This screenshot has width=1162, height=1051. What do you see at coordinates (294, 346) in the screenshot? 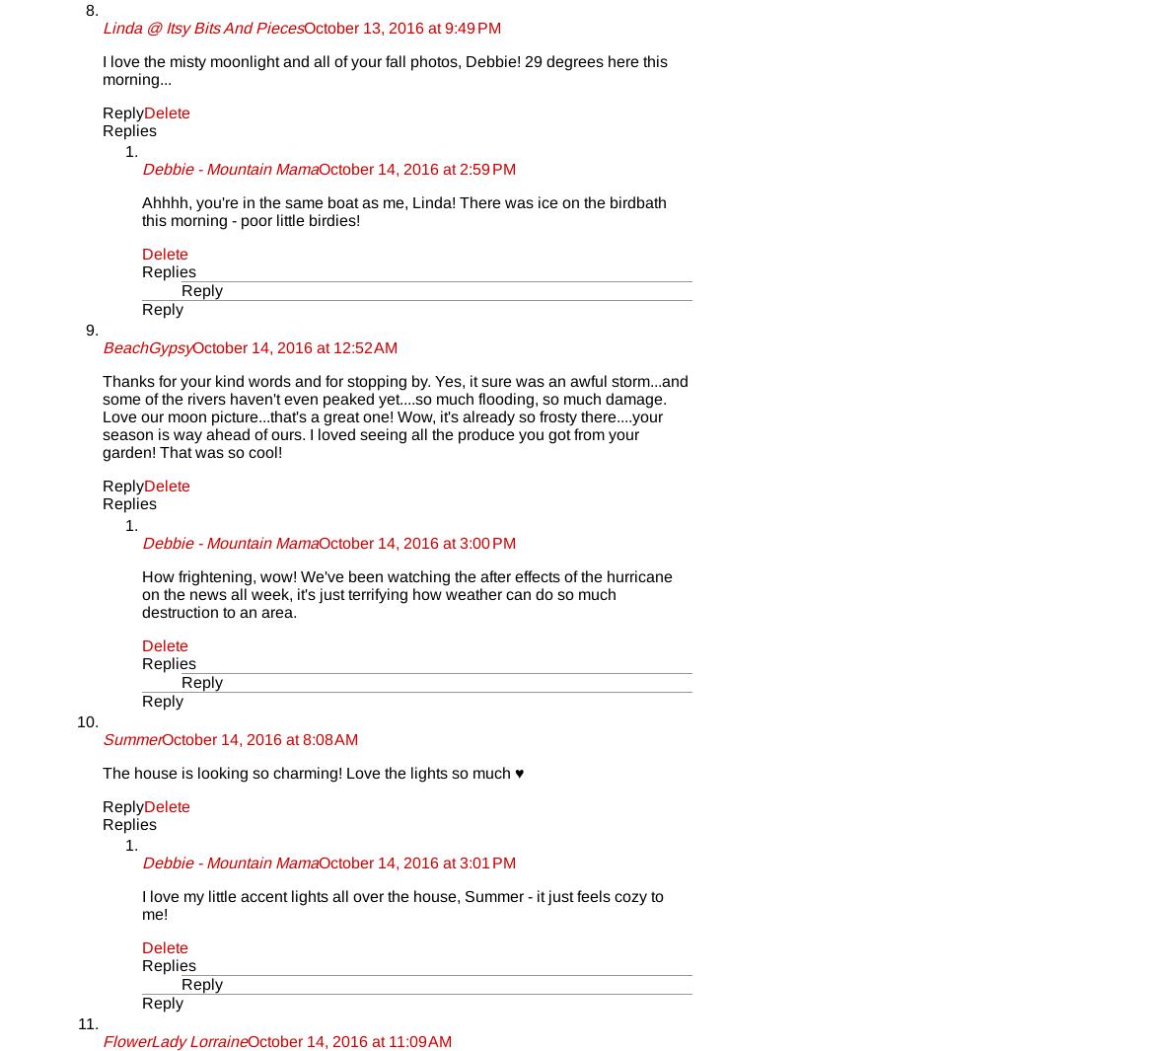
I see `'October 14, 2016 at 12:52 AM'` at bounding box center [294, 346].